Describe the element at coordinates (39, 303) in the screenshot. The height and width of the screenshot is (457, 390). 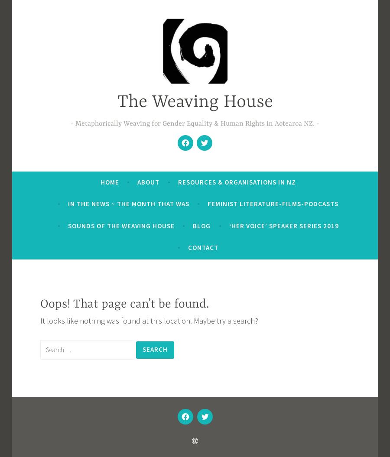
I see `'Oops! That page can’t be found.'` at that location.